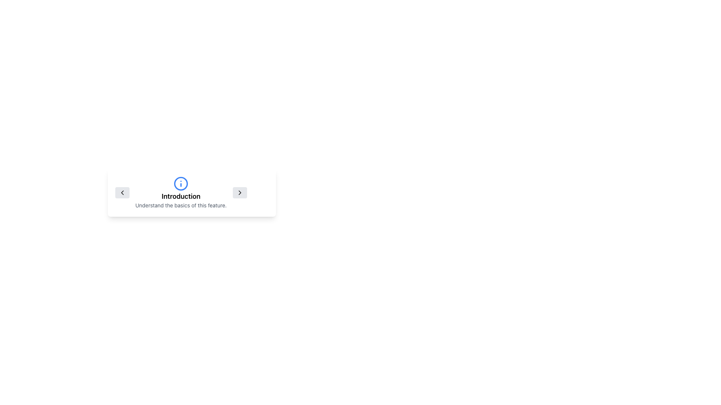  I want to click on the forward navigation button located on the right side of the control group to proceed to the next step or page, so click(239, 192).